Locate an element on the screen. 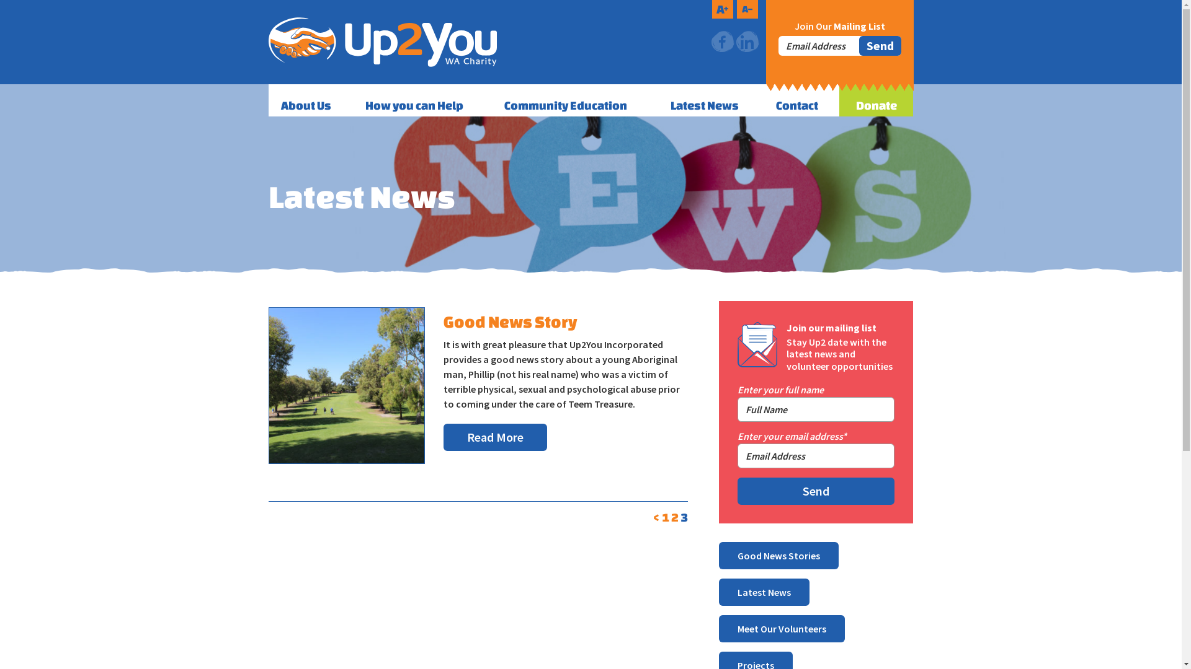 The width and height of the screenshot is (1191, 669). 'Donate' is located at coordinates (875, 100).